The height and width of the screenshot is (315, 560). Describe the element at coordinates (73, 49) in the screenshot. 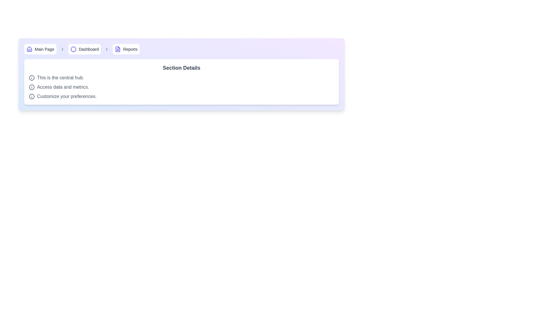

I see `the SVG circle graphic icon representing the second navigation item labeled 'Dashboard' in the breadcrumb navigation structure` at that location.